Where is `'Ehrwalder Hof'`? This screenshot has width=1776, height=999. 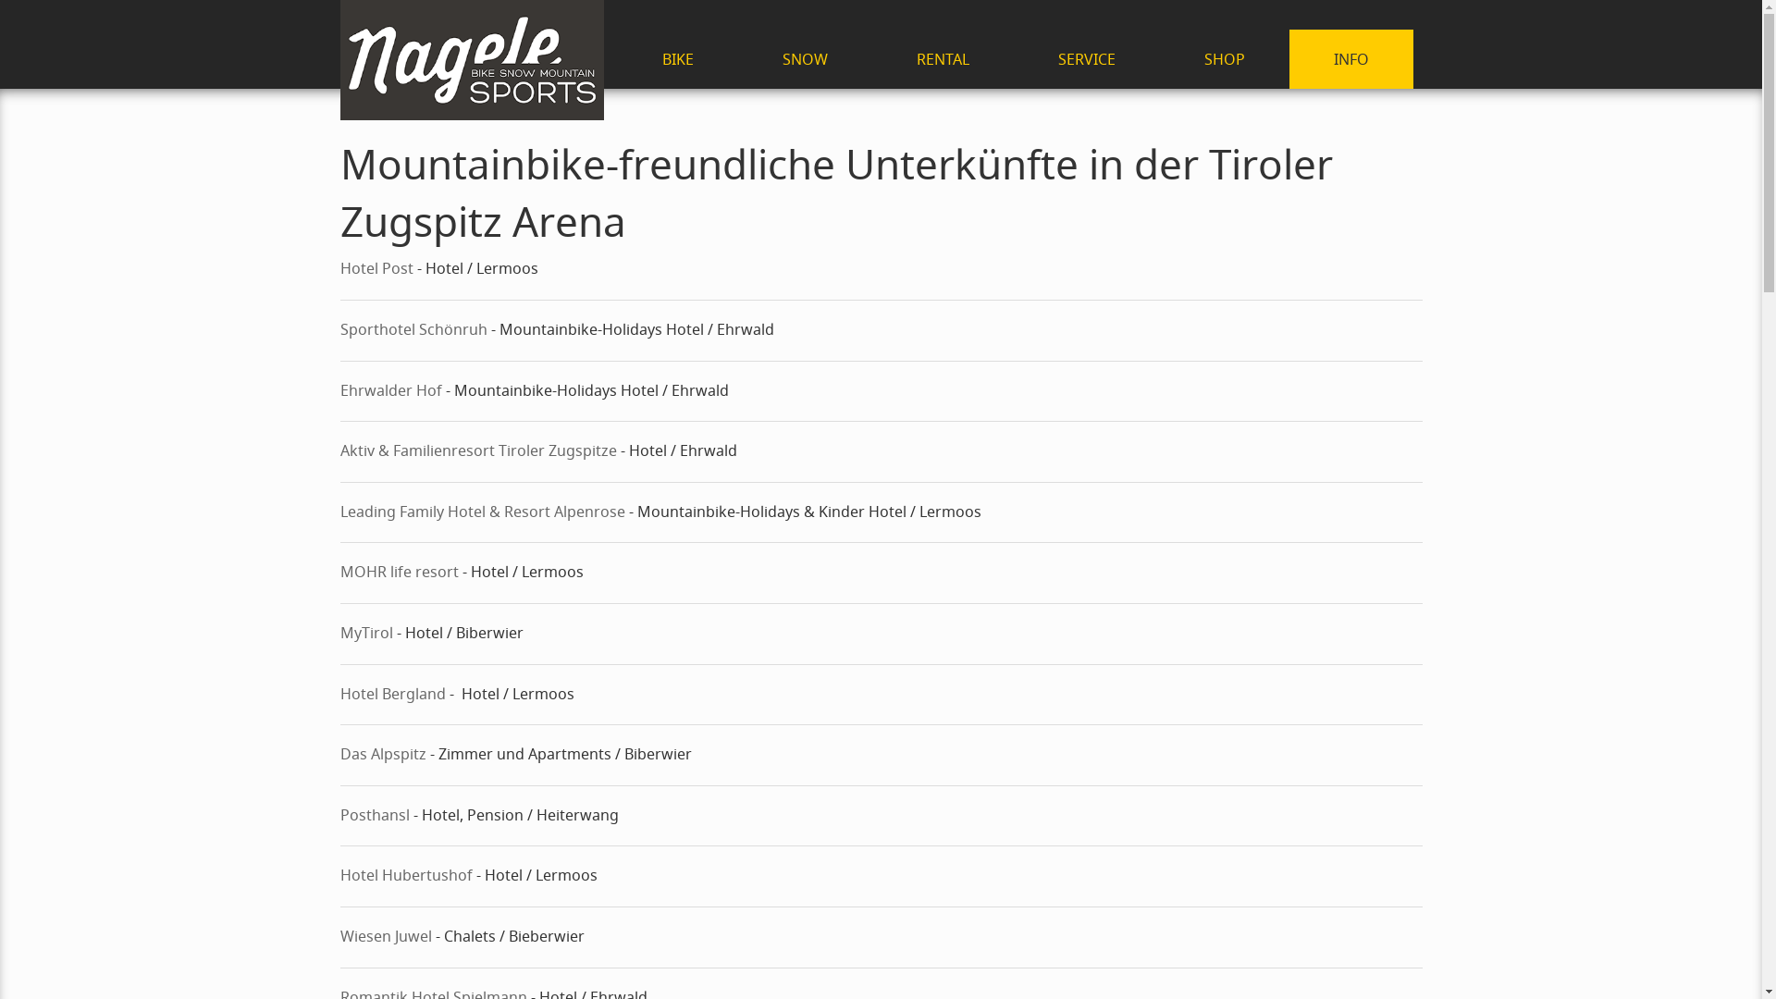
'Ehrwalder Hof' is located at coordinates (389, 388).